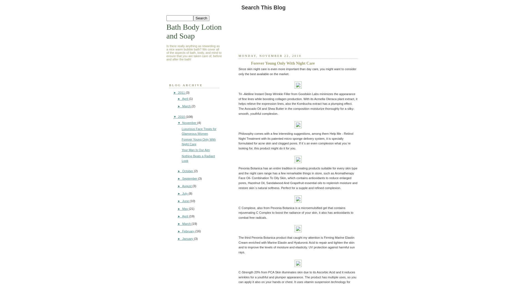 The height and width of the screenshot is (285, 527). Describe the element at coordinates (186, 85) in the screenshot. I see `'Blog Archive'` at that location.